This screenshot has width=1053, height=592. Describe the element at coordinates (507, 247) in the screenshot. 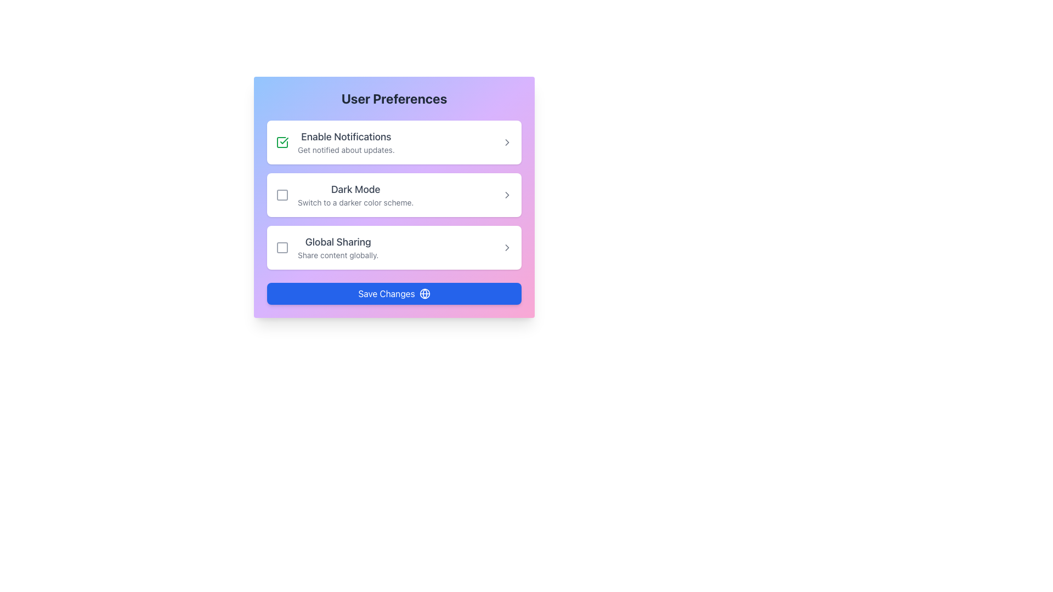

I see `the small rightward-pointing chevron icon located in the 'Global Sharing' section of the User Preferences interface` at that location.